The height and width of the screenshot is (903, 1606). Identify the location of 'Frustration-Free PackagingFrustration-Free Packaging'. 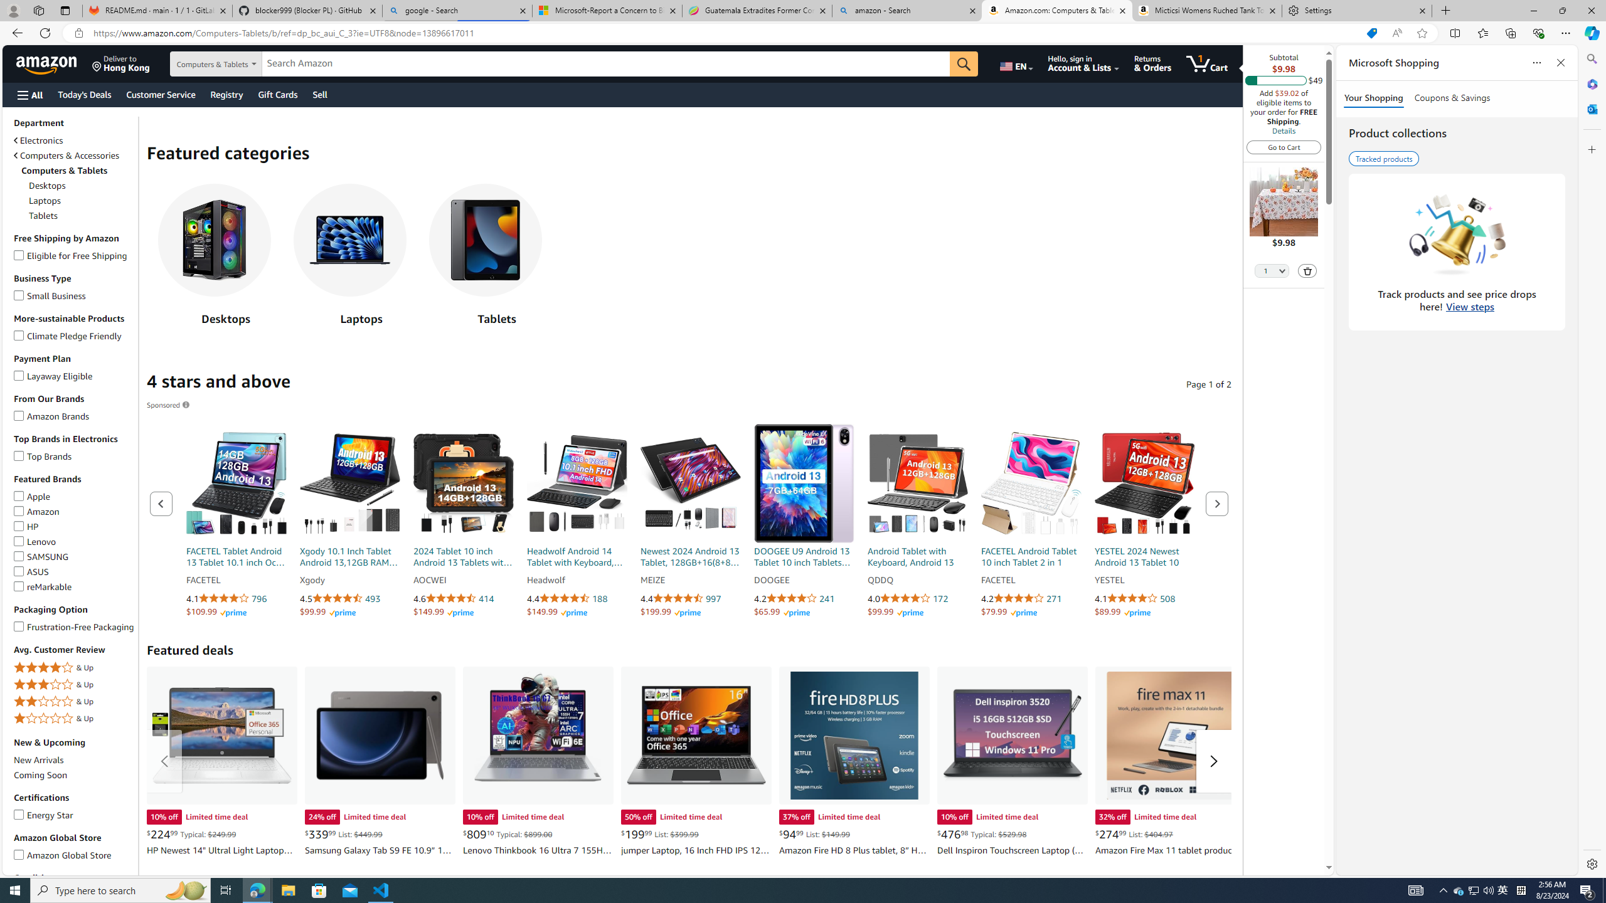
(74, 626).